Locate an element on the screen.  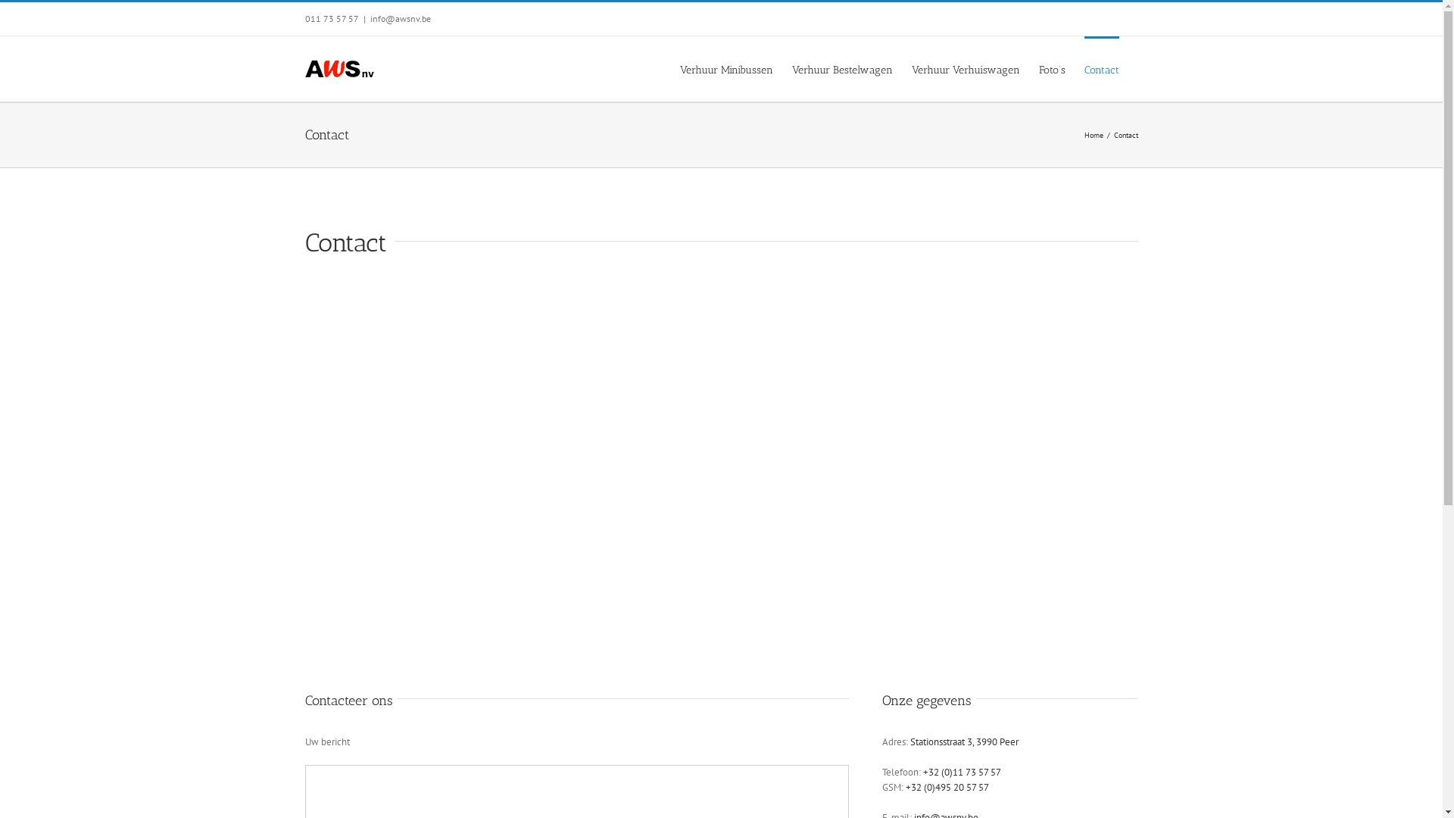
'+32 (0)495 20 57 57' is located at coordinates (947, 786).